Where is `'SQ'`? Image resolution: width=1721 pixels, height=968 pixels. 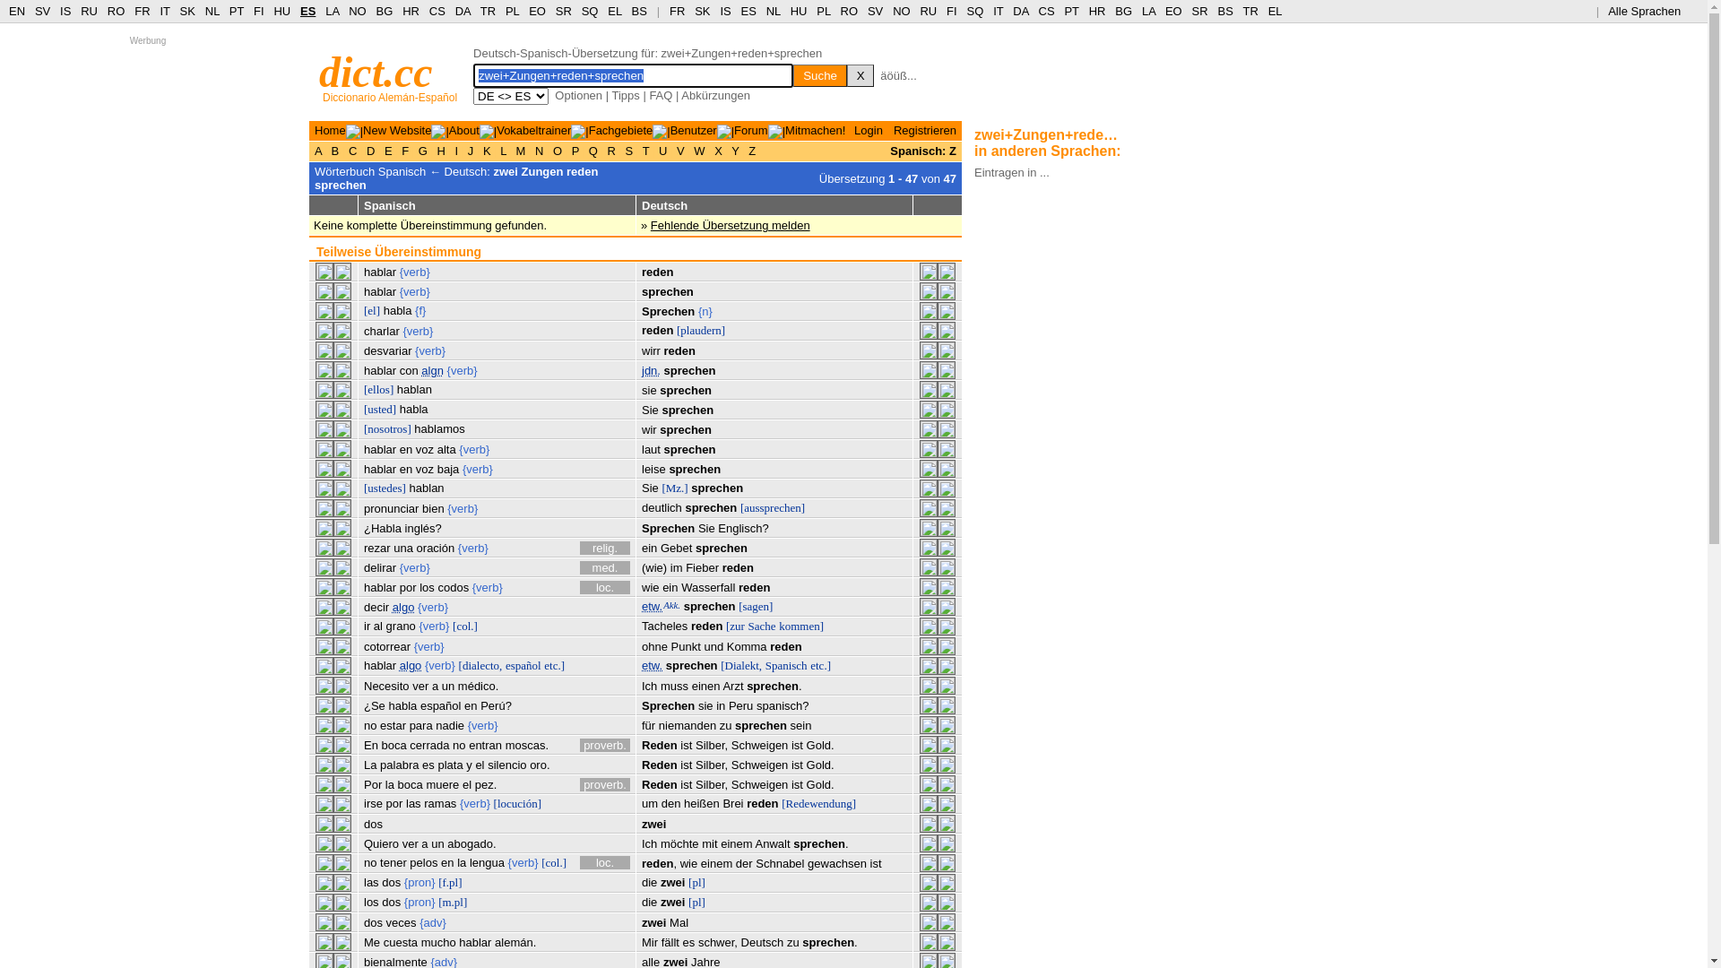 'SQ' is located at coordinates (590, 11).